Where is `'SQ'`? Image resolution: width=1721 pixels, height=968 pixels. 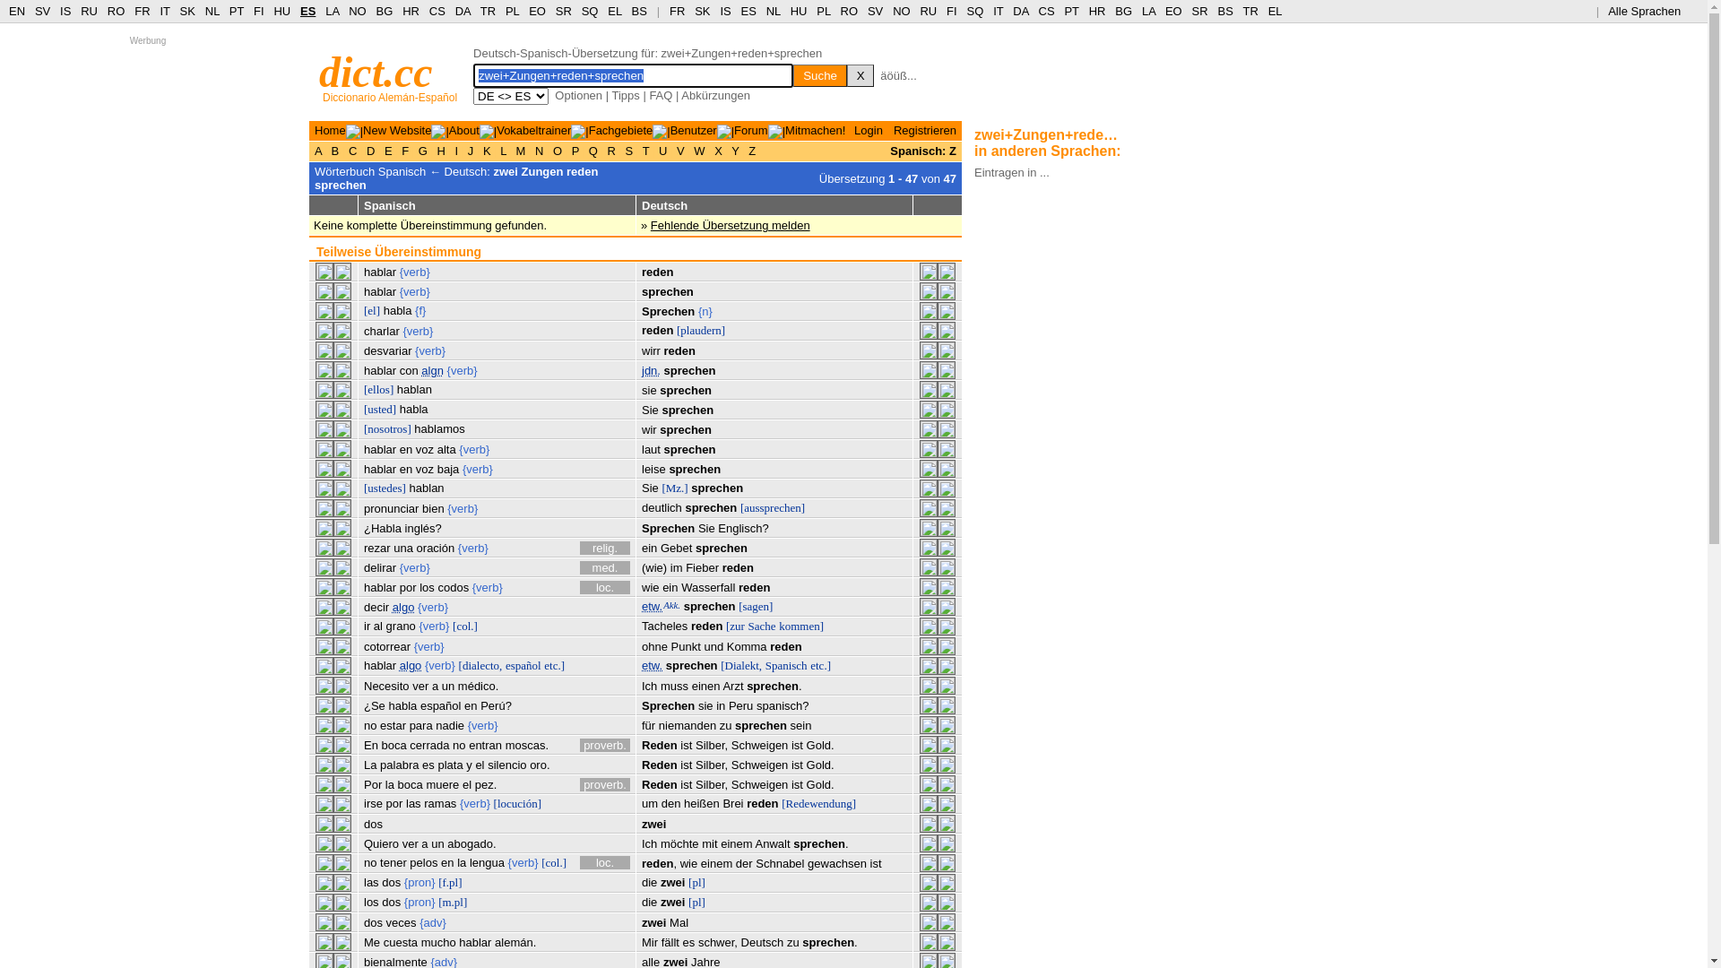 'SQ' is located at coordinates (590, 11).